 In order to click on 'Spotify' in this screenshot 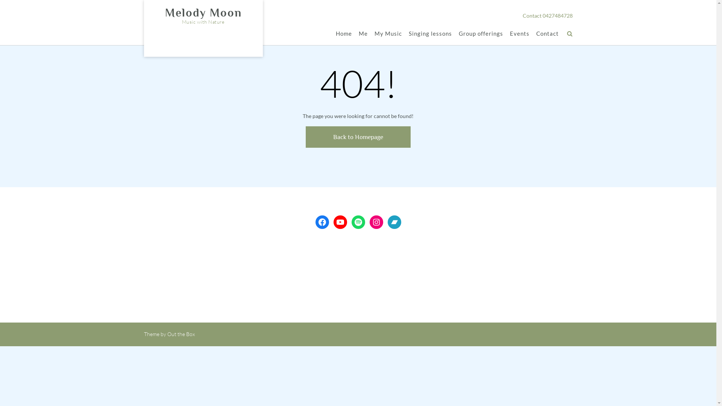, I will do `click(351, 221)`.